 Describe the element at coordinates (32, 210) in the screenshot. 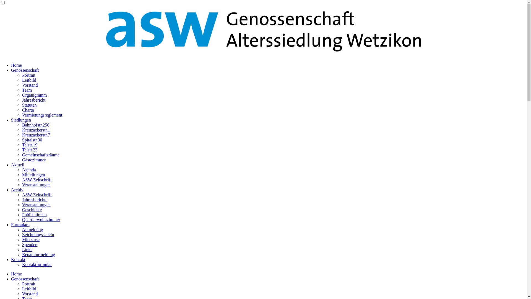

I see `'Geschichte'` at that location.